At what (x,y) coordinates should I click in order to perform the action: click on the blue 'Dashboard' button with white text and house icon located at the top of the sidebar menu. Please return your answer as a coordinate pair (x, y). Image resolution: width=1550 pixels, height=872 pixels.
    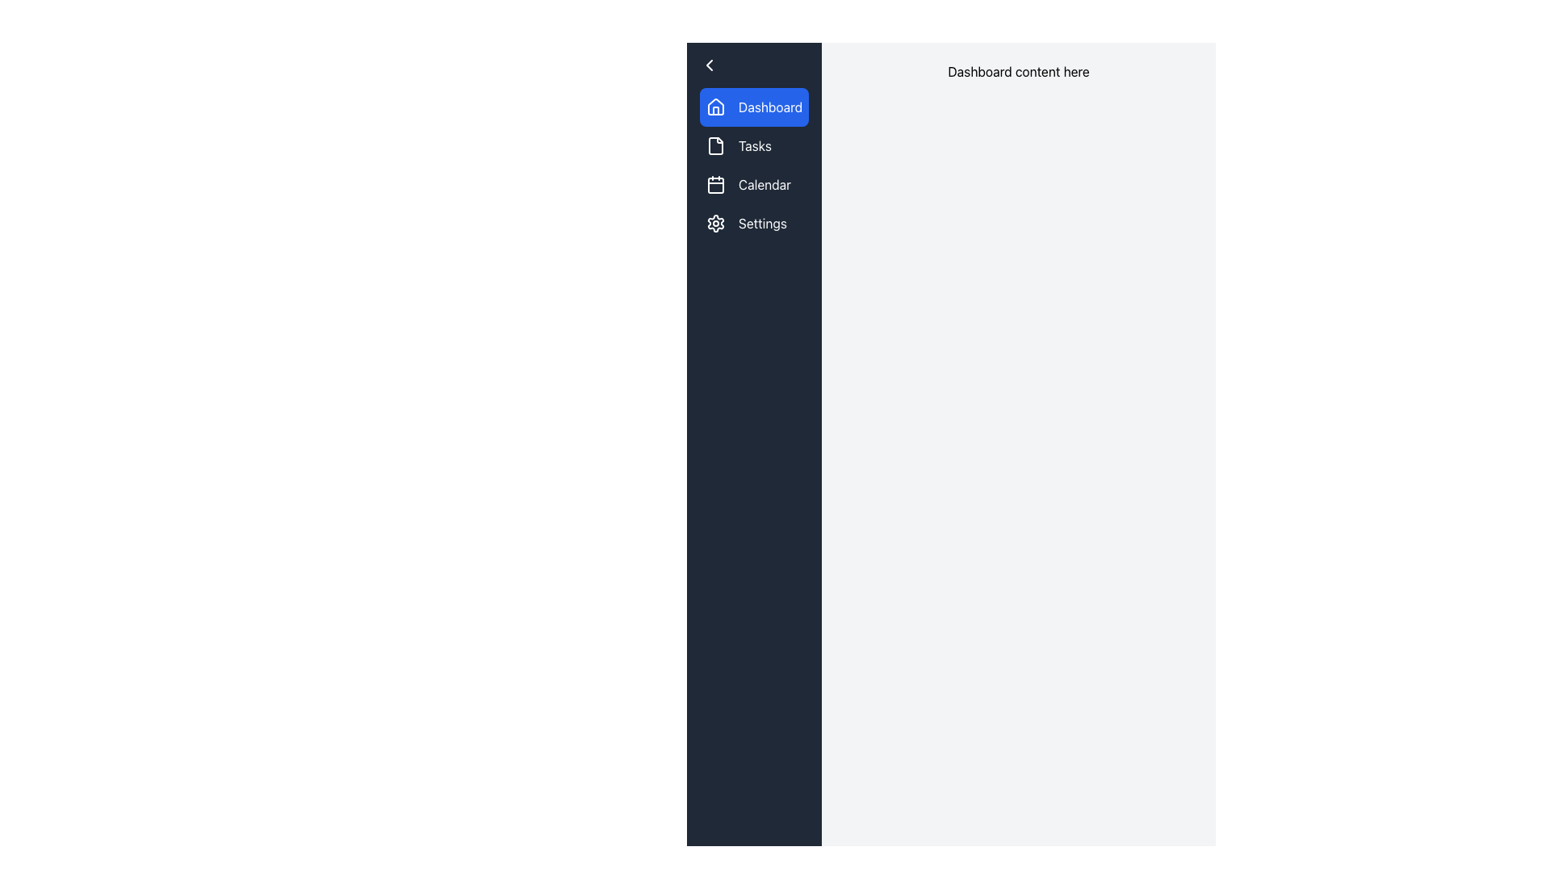
    Looking at the image, I should click on (753, 107).